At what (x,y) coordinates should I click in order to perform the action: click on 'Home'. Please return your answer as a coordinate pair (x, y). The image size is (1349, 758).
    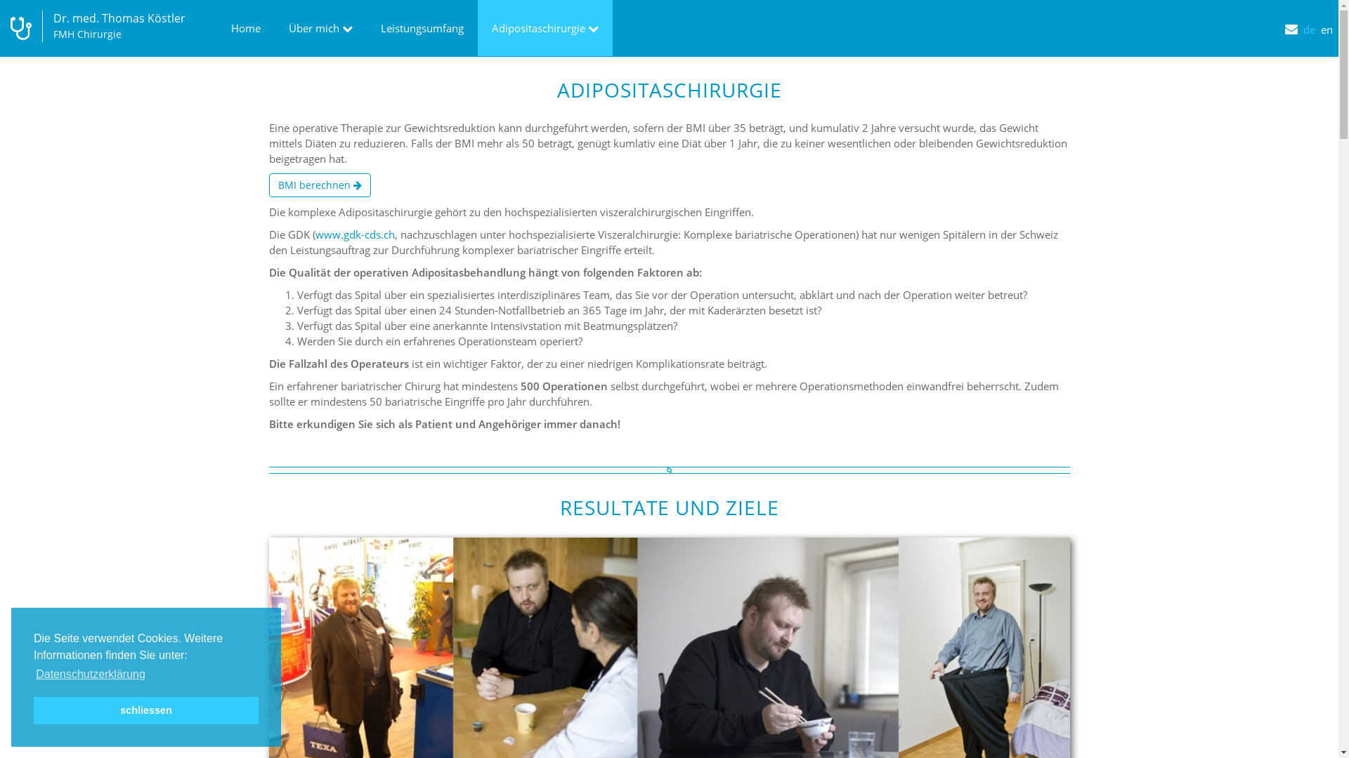
    Looking at the image, I should click on (246, 27).